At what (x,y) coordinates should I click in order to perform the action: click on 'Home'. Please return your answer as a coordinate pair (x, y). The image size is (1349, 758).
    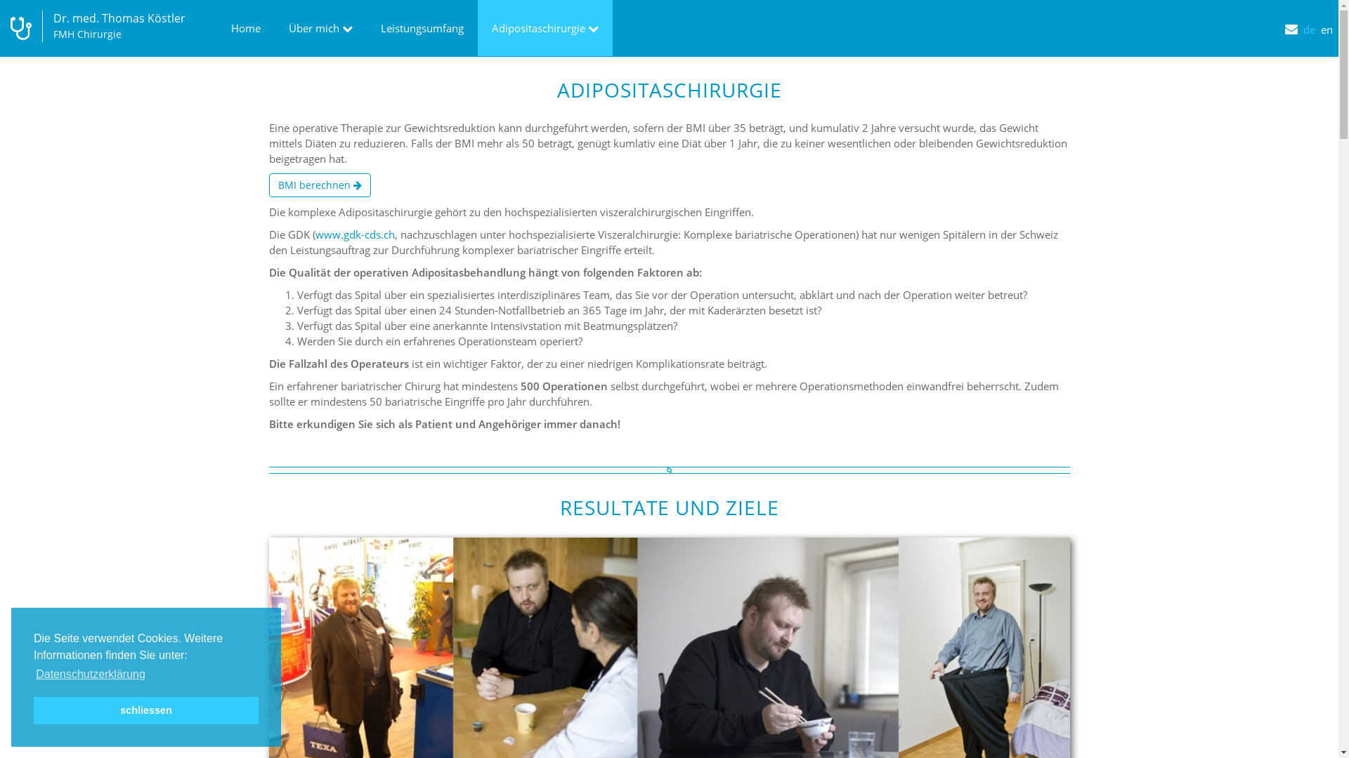
    Looking at the image, I should click on (246, 27).